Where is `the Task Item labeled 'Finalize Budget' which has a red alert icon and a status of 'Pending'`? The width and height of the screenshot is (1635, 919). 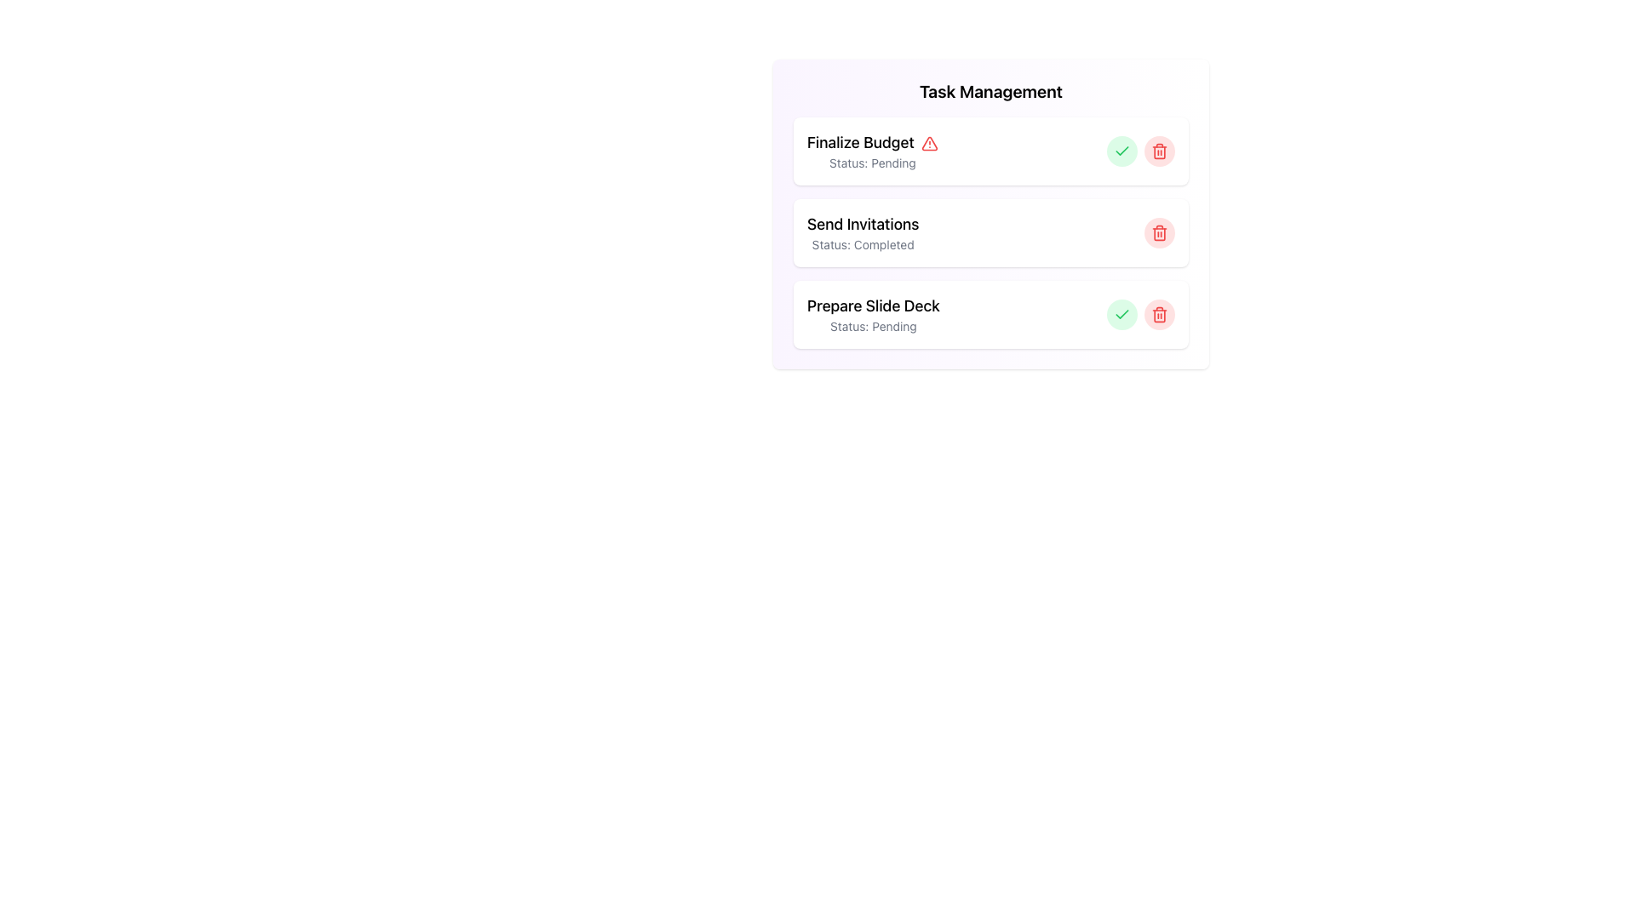
the Task Item labeled 'Finalize Budget' which has a red alert icon and a status of 'Pending' is located at coordinates (990, 150).